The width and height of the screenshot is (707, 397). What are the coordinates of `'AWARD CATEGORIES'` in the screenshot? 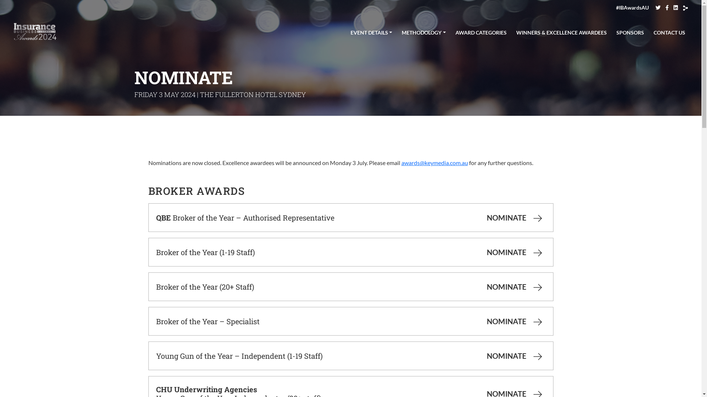 It's located at (452, 31).